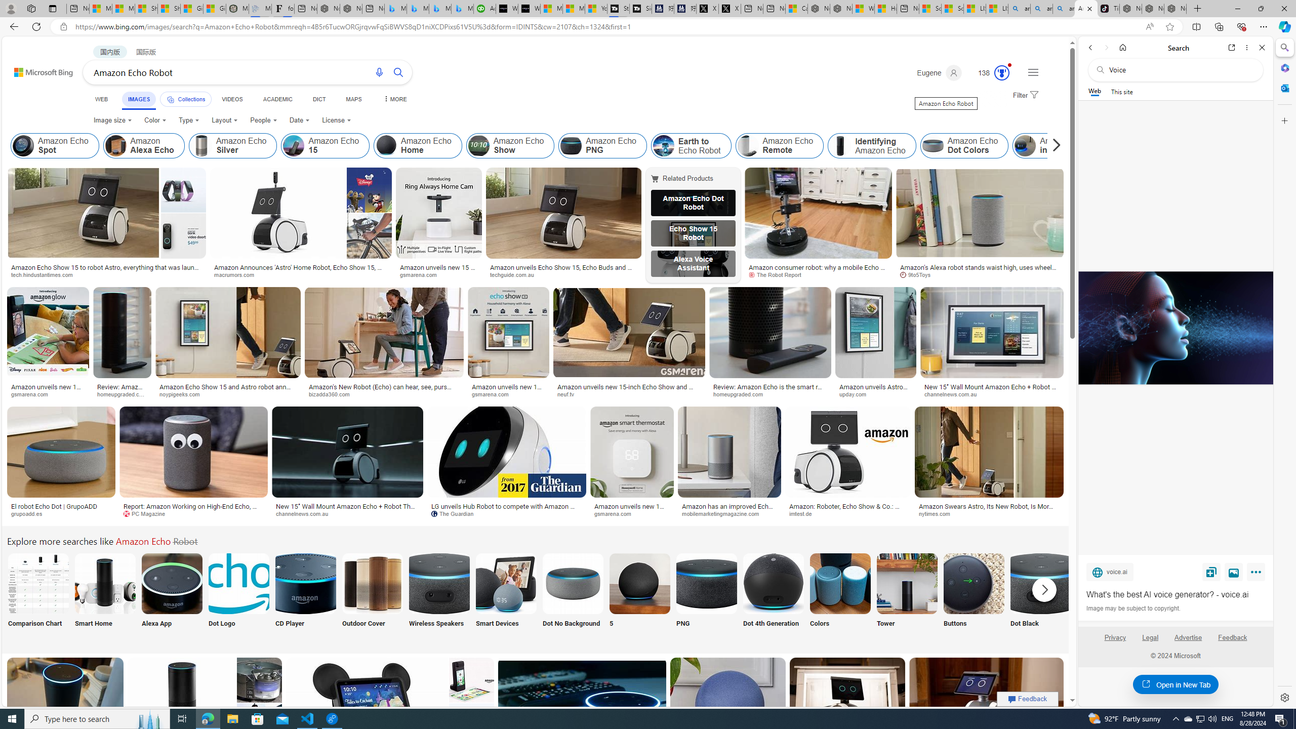 Image resolution: width=1296 pixels, height=729 pixels. Describe the element at coordinates (729, 513) in the screenshot. I see `'mobilemarketingmagazine.com'` at that location.